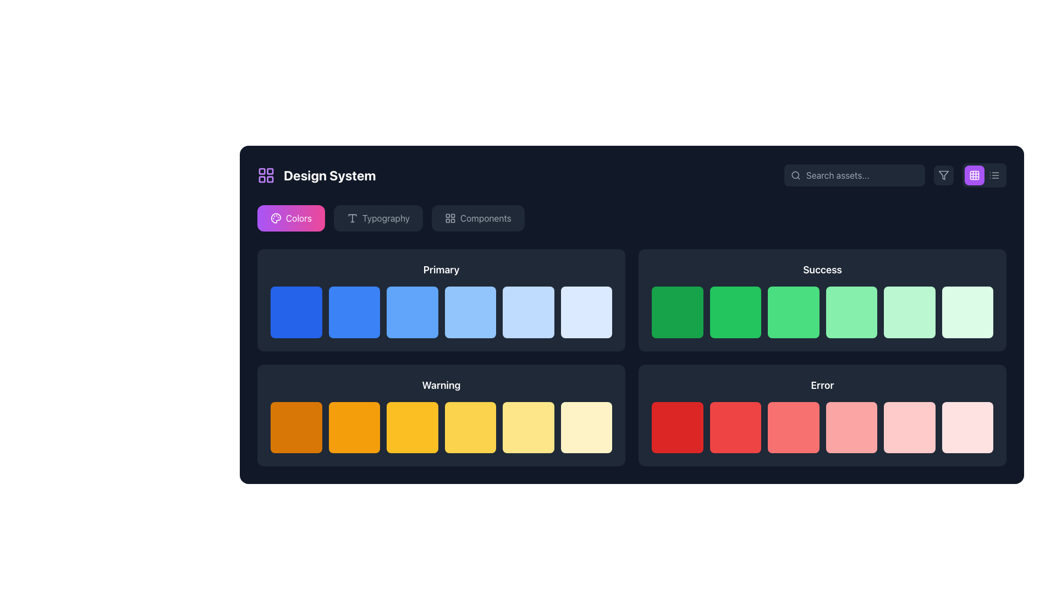 Image resolution: width=1056 pixels, height=594 pixels. Describe the element at coordinates (470, 312) in the screenshot. I see `the selectable color tile located in the first row of the 'Primary' section, occupying the fourth slot from the left` at that location.